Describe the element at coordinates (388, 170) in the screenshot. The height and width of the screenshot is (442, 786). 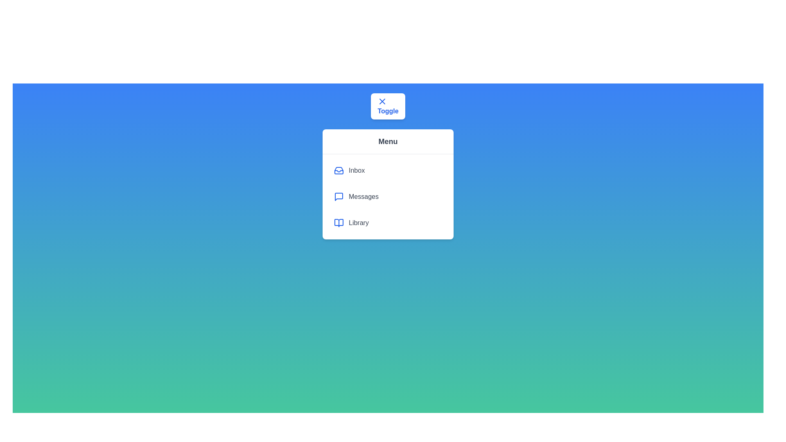
I see `the menu item Inbox from the list` at that location.